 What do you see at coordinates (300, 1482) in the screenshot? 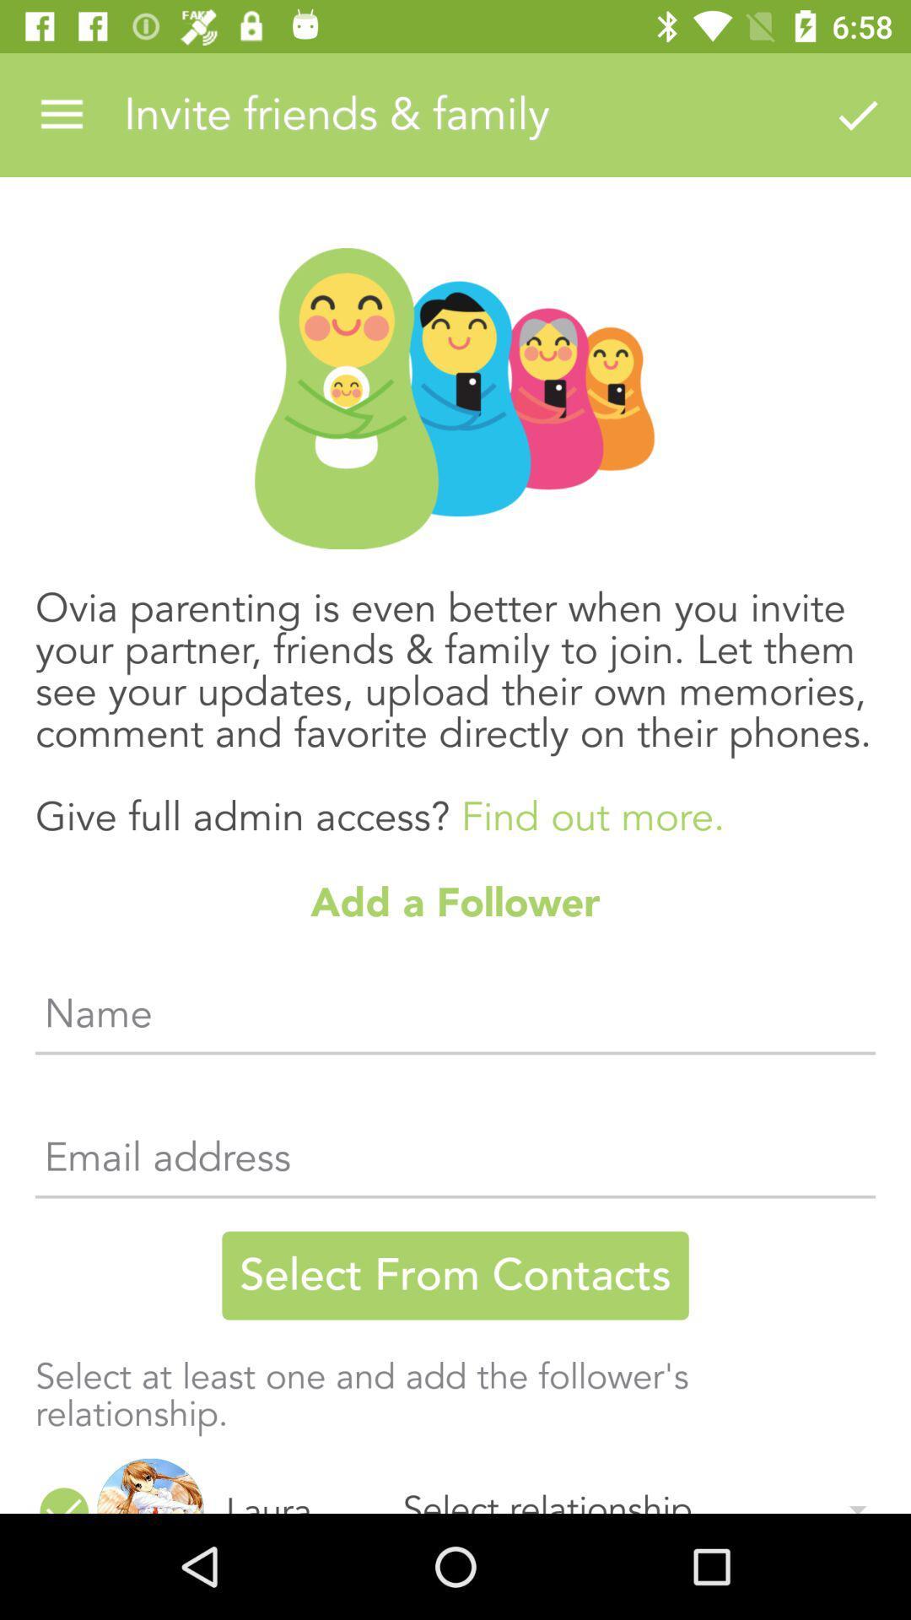
I see `item below the select at least icon` at bounding box center [300, 1482].